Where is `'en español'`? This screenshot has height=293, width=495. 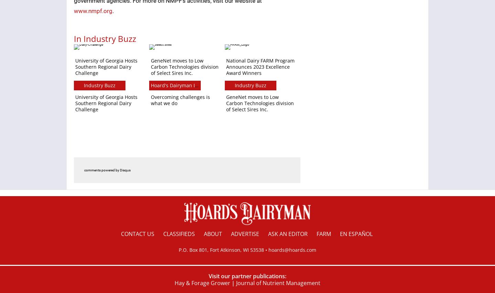 'en español' is located at coordinates (339, 234).